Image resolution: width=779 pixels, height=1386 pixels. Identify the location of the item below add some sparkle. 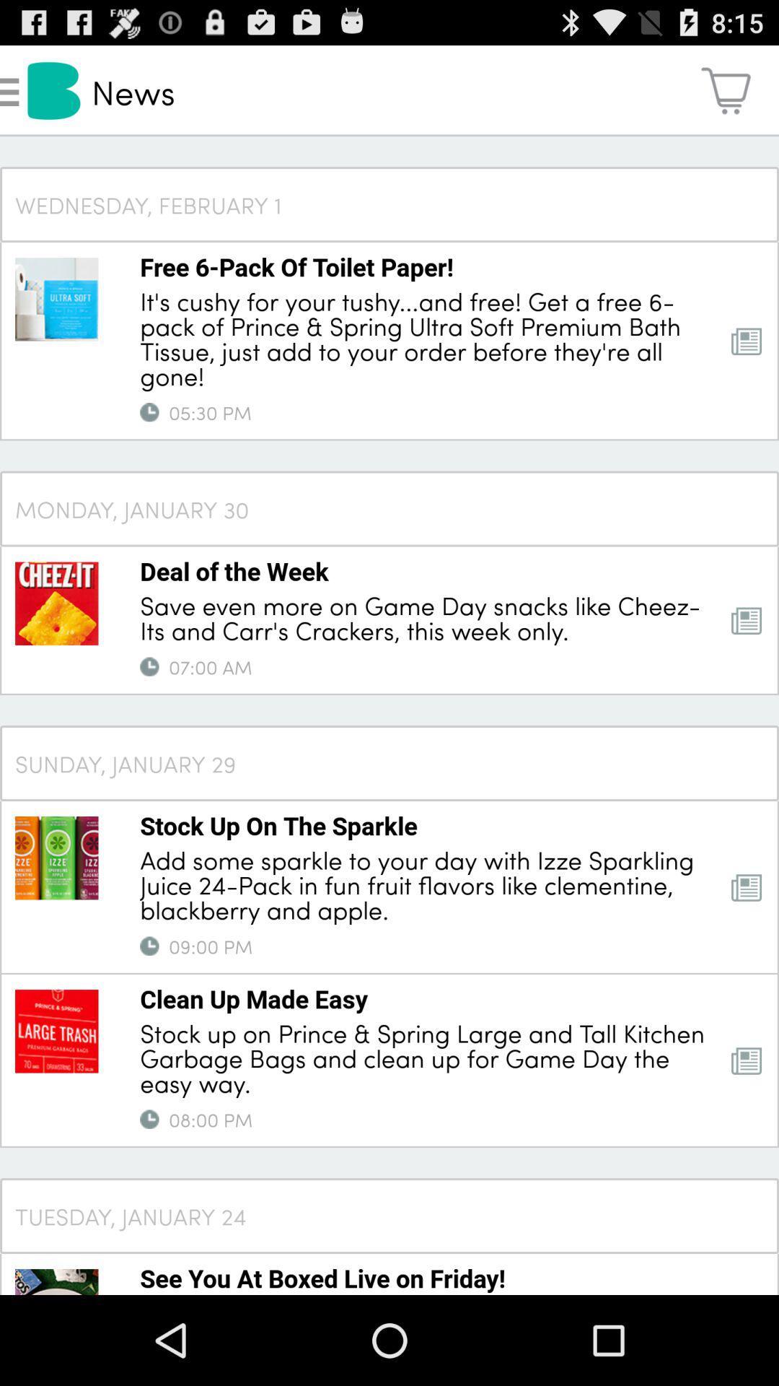
(149, 946).